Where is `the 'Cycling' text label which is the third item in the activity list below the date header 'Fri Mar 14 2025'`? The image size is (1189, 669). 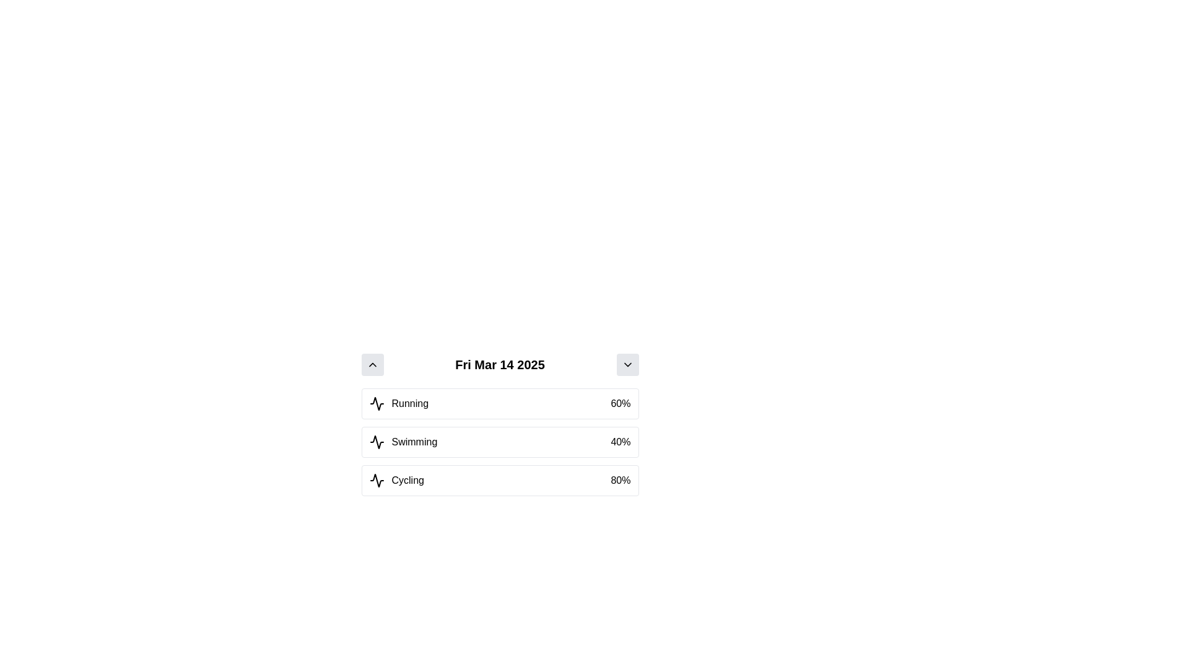
the 'Cycling' text label which is the third item in the activity list below the date header 'Fri Mar 14 2025' is located at coordinates (396, 479).